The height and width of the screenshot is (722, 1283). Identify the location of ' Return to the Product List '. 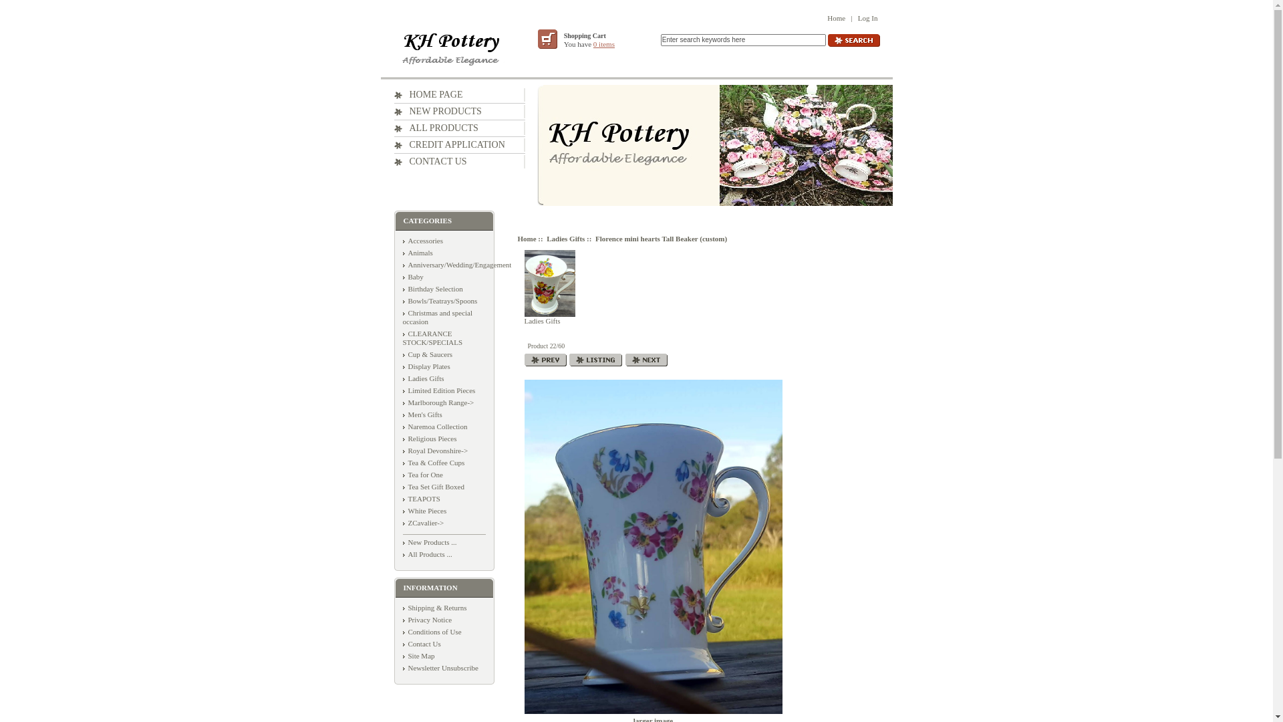
(595, 359).